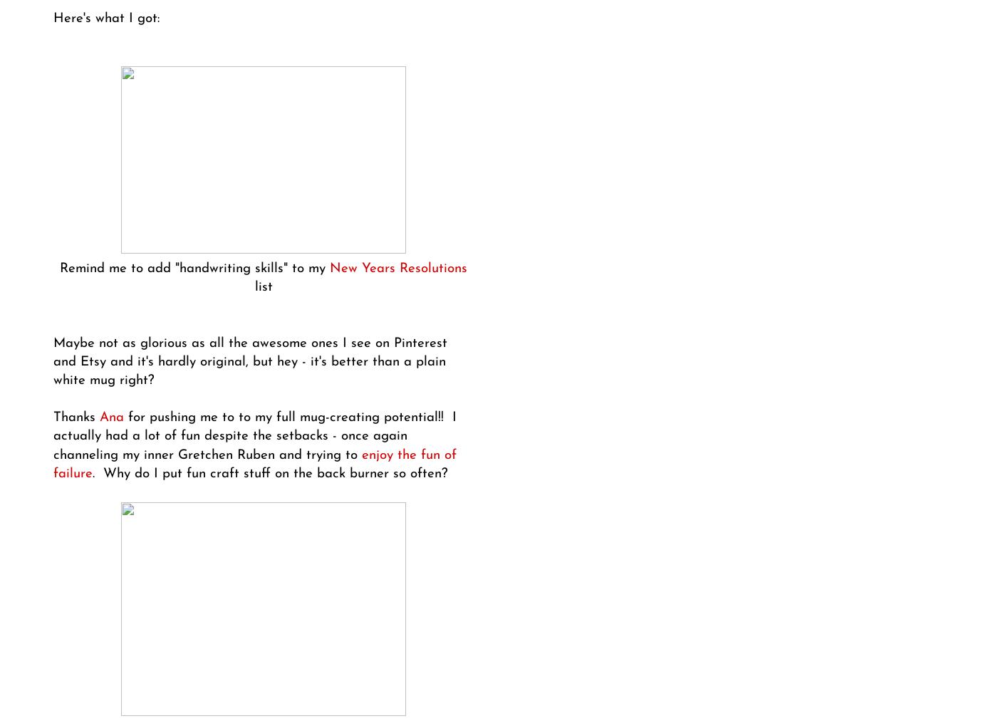 The width and height of the screenshot is (1003, 721). Describe the element at coordinates (254, 464) in the screenshot. I see `'enjoy the fun of failure'` at that location.